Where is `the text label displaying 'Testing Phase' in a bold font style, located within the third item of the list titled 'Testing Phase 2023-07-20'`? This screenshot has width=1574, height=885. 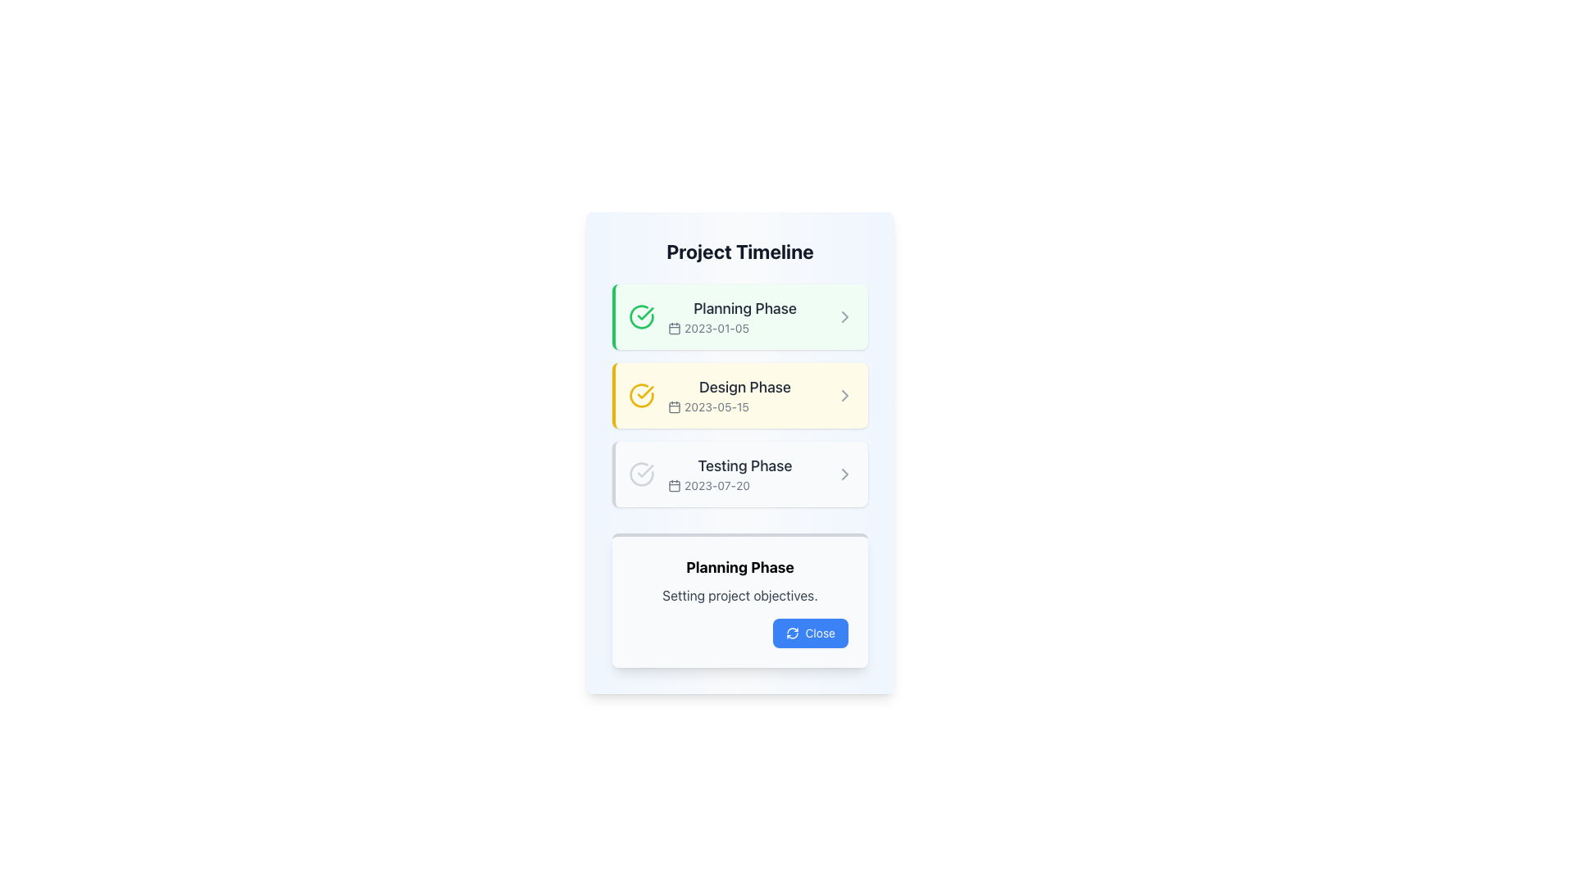
the text label displaying 'Testing Phase' in a bold font style, located within the third item of the list titled 'Testing Phase 2023-07-20' is located at coordinates (744, 466).